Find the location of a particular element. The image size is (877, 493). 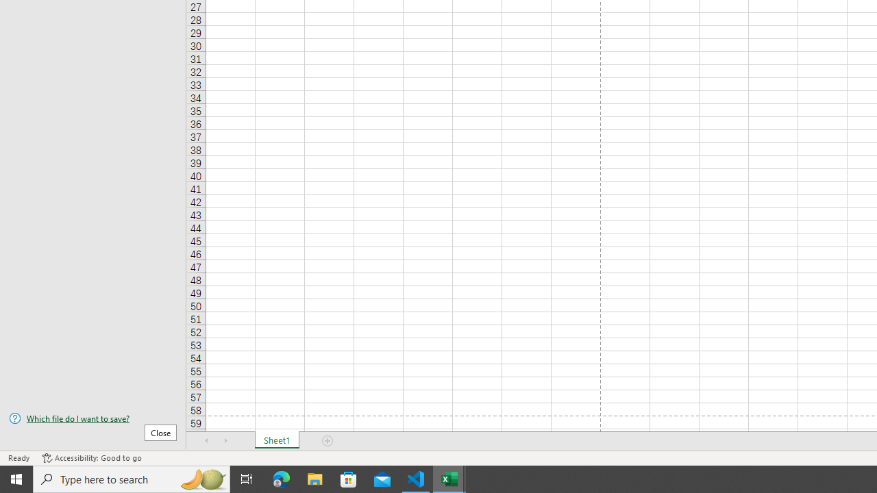

'Task View' is located at coordinates (246, 478).